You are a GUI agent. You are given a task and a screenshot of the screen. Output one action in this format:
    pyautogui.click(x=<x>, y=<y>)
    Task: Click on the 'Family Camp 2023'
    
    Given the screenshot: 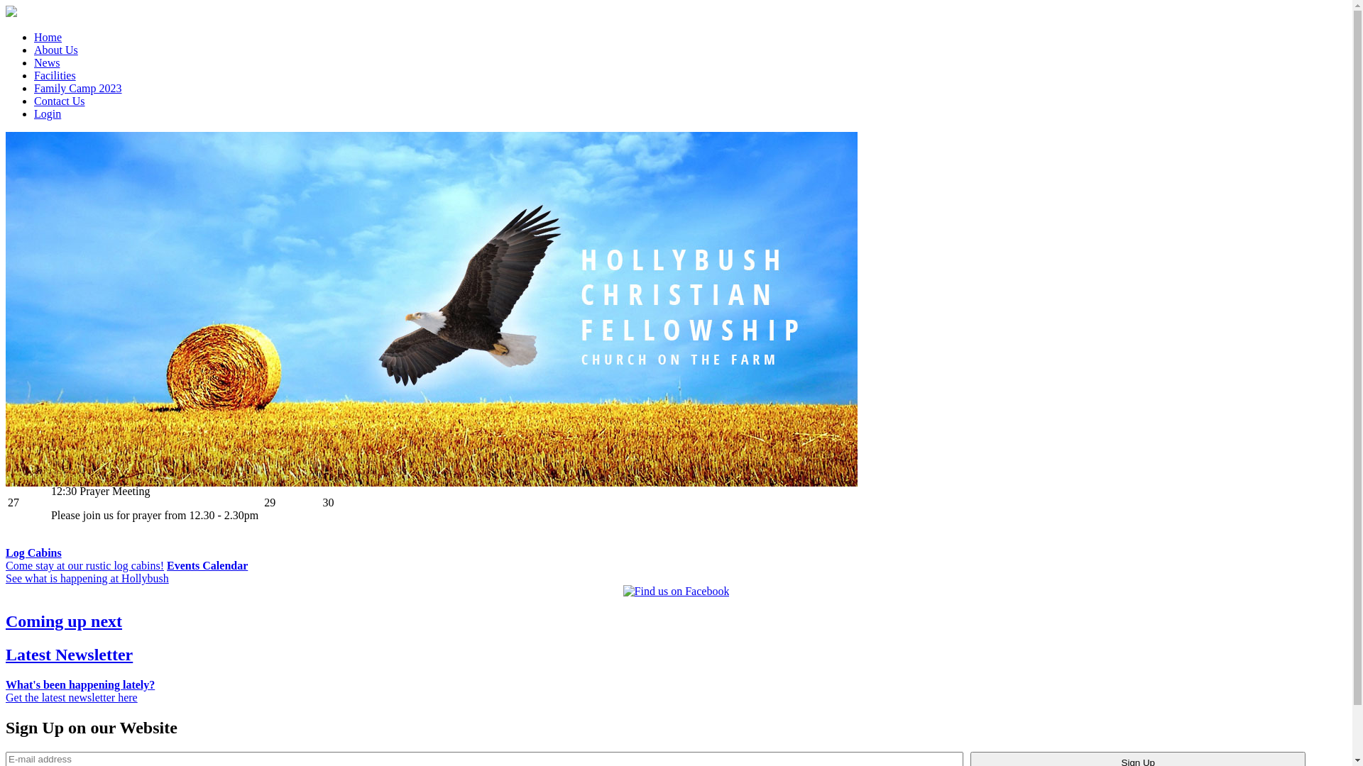 What is the action you would take?
    pyautogui.click(x=77, y=88)
    